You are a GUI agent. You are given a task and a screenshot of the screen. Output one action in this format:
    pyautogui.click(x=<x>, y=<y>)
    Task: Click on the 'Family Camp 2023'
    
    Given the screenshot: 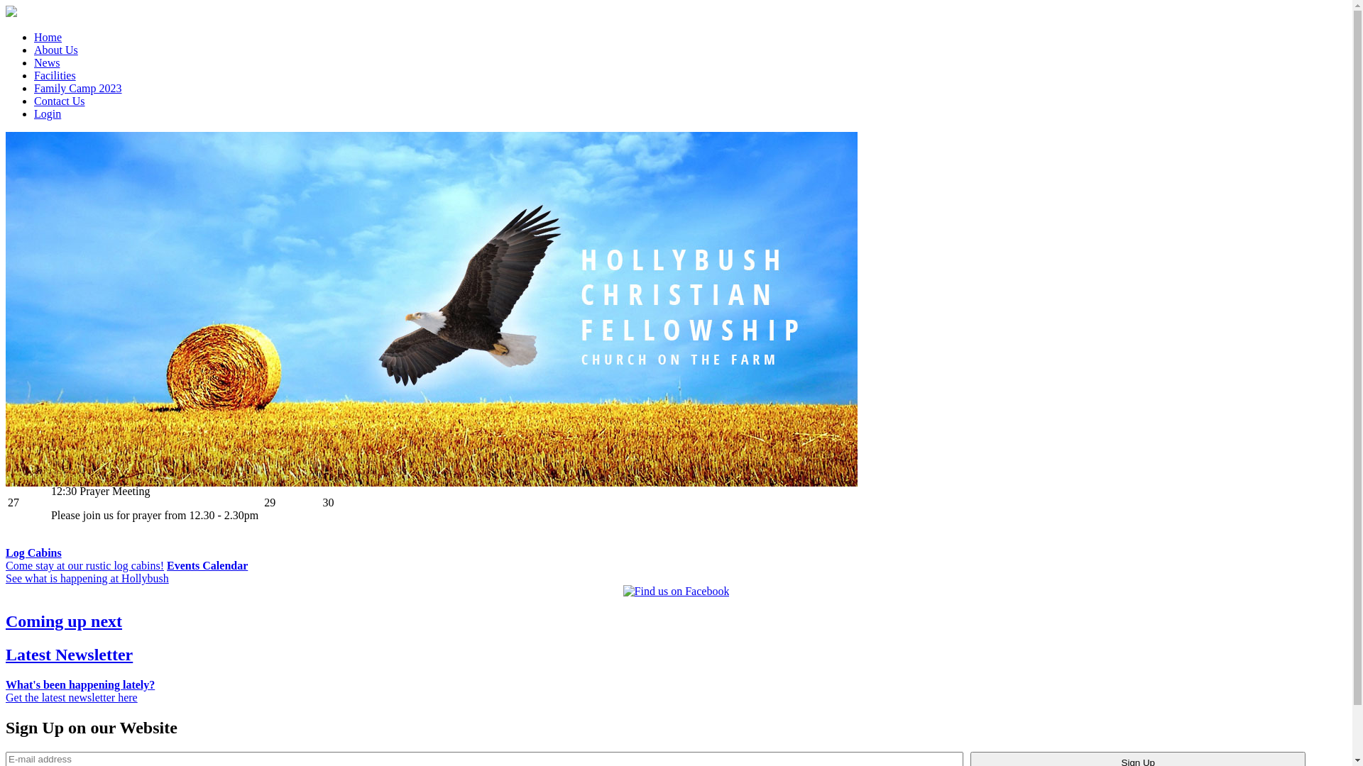 What is the action you would take?
    pyautogui.click(x=77, y=88)
    